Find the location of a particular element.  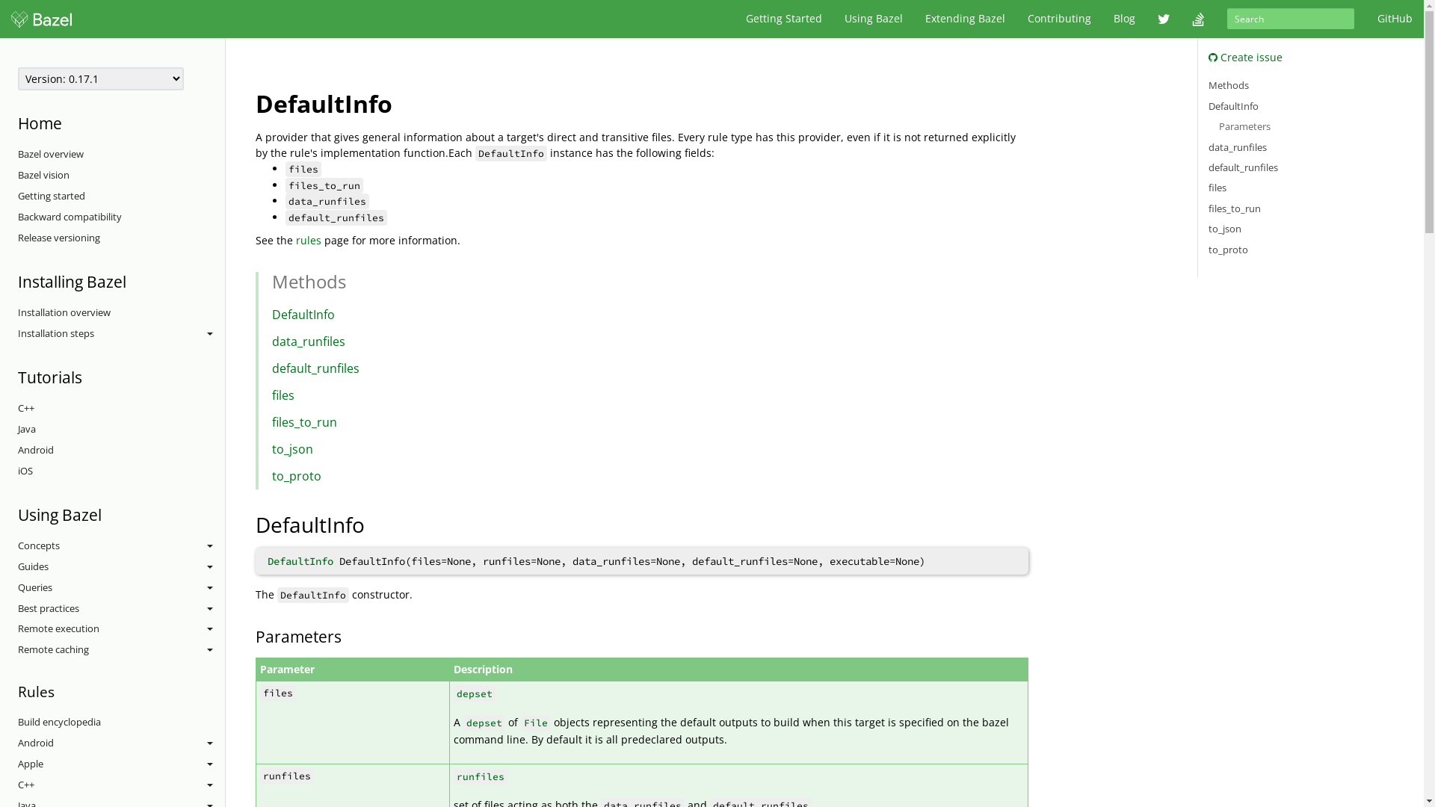

'Installation overview' is located at coordinates (121, 312).